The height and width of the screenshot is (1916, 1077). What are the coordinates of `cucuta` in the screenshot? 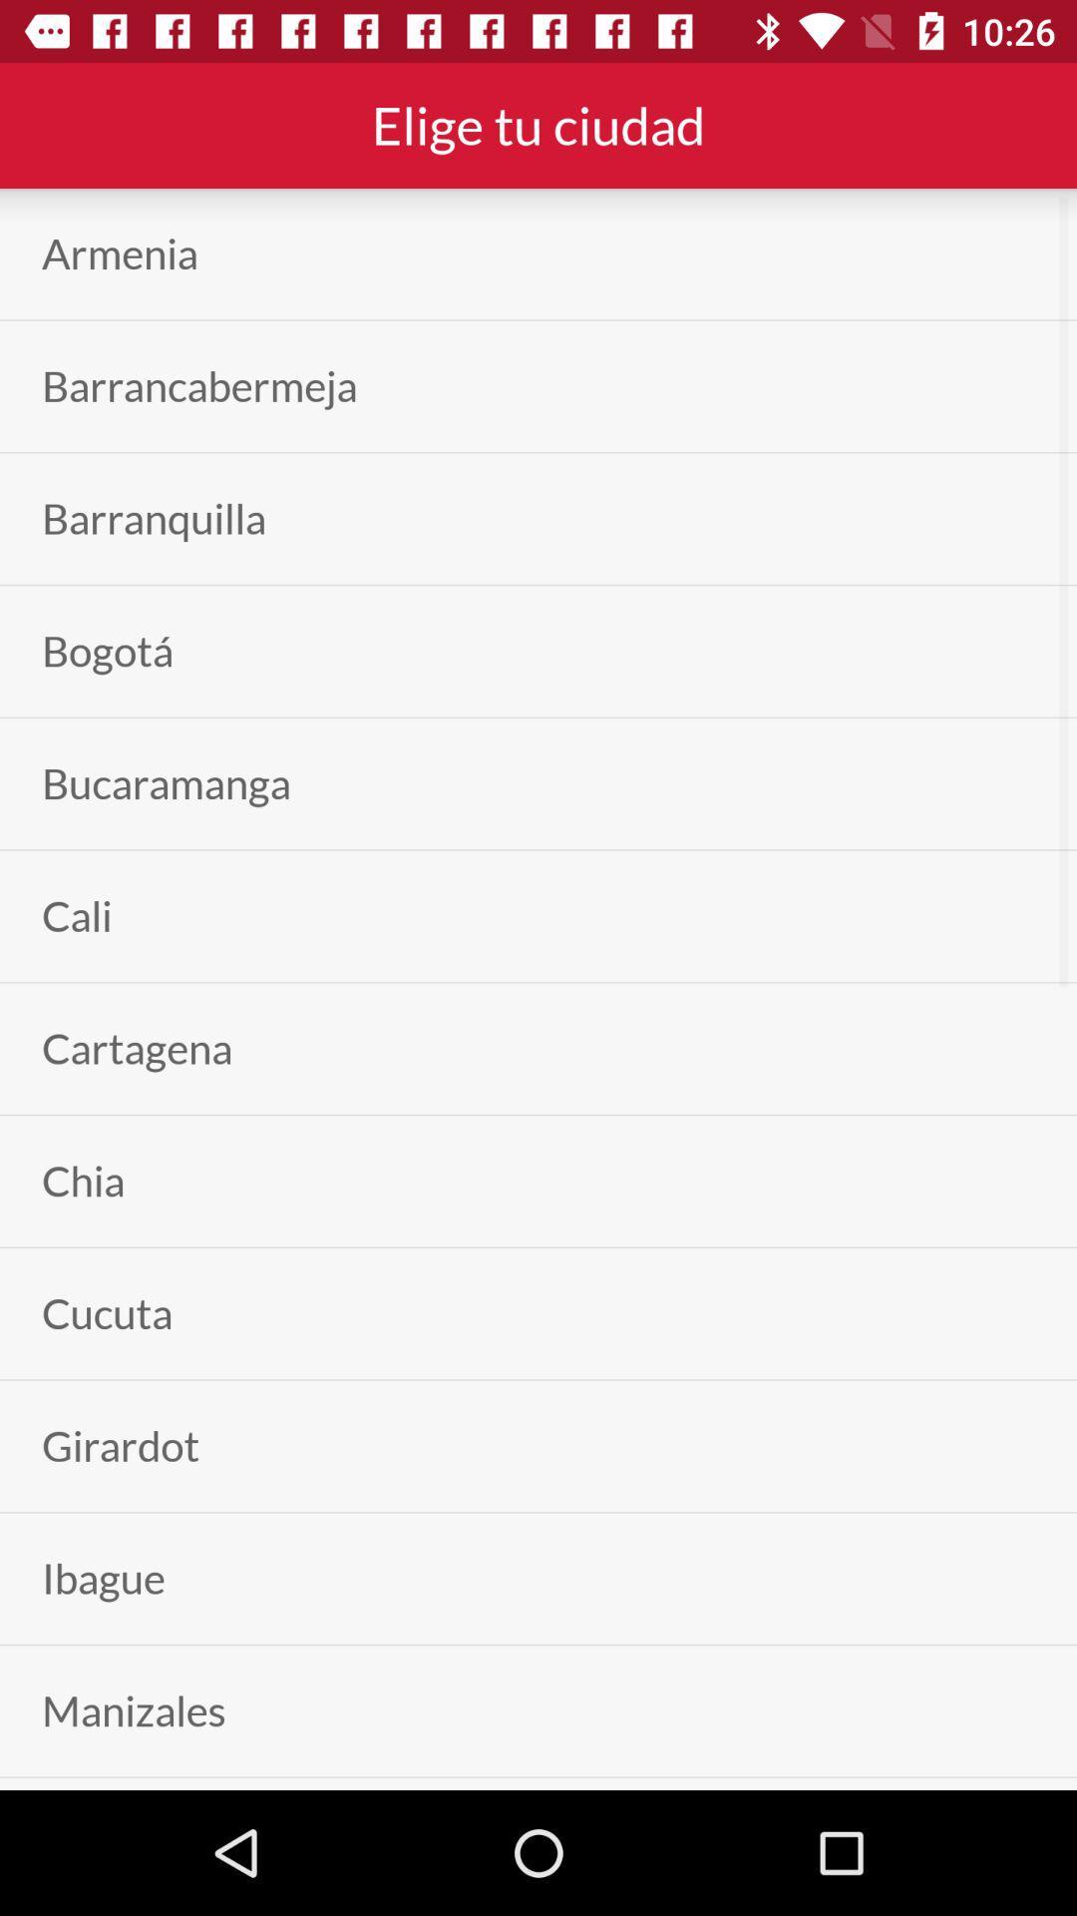 It's located at (107, 1313).